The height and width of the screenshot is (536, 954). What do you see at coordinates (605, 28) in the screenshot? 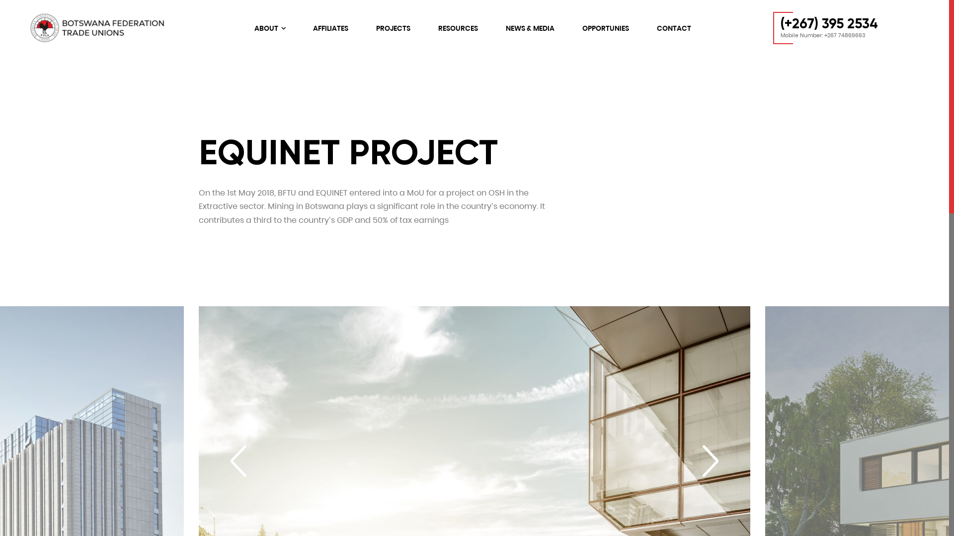
I see `'OPPORTUNIES'` at bounding box center [605, 28].